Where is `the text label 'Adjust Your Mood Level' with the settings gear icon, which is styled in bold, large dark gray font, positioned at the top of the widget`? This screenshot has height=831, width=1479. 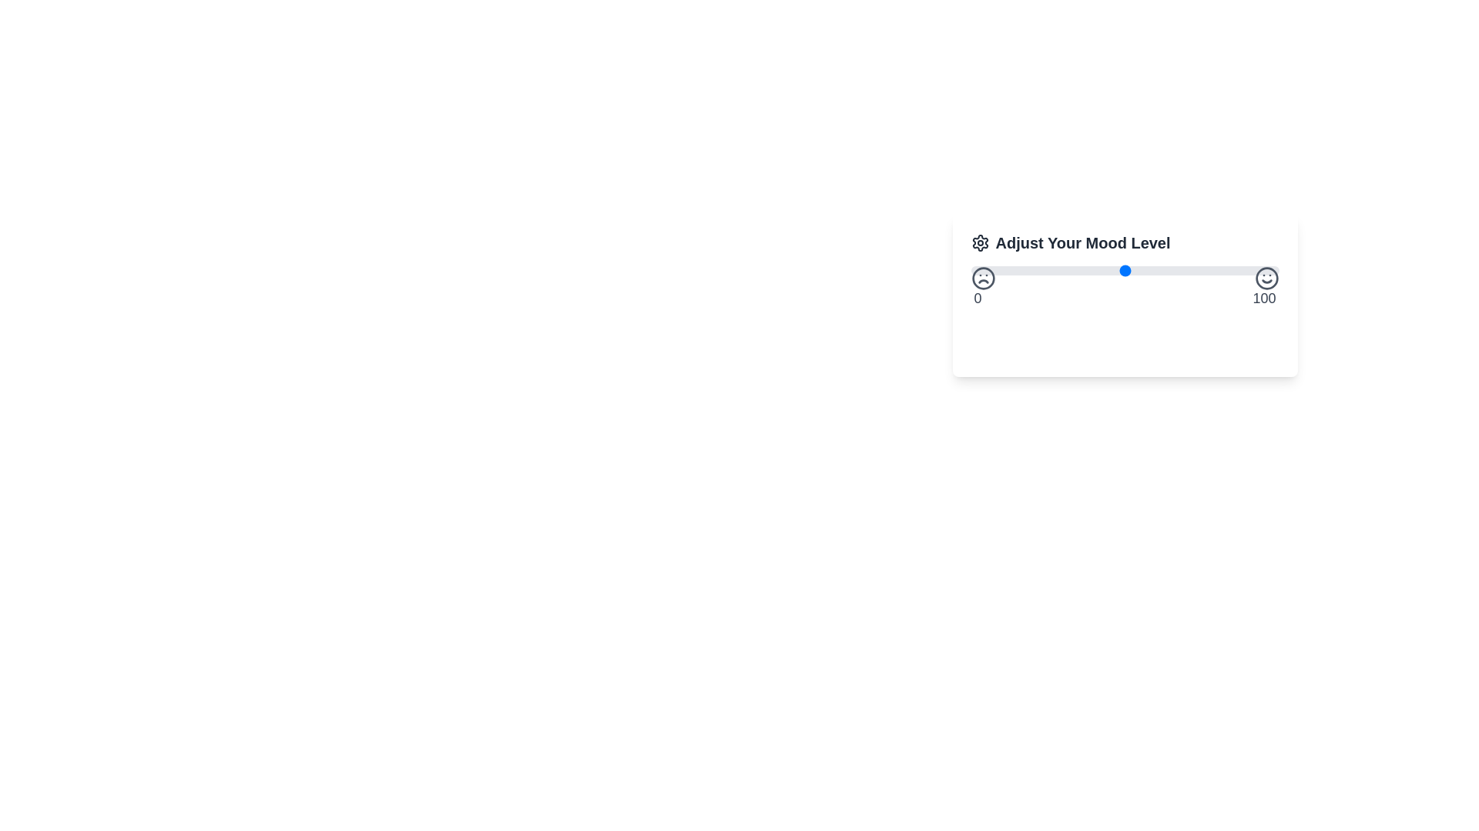
the text label 'Adjust Your Mood Level' with the settings gear icon, which is styled in bold, large dark gray font, positioned at the top of the widget is located at coordinates (1125, 242).